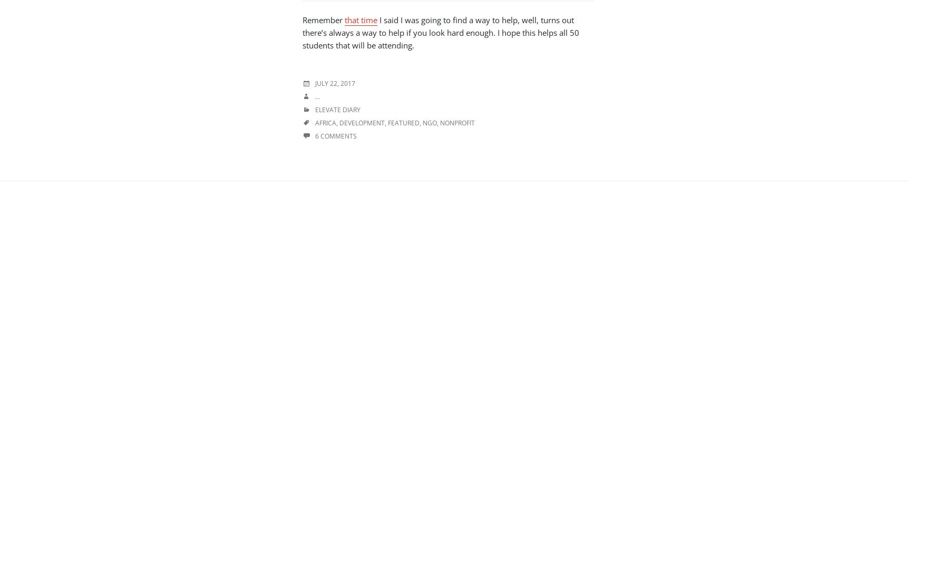 The width and height of the screenshot is (934, 561). Describe the element at coordinates (362, 122) in the screenshot. I see `'Development'` at that location.